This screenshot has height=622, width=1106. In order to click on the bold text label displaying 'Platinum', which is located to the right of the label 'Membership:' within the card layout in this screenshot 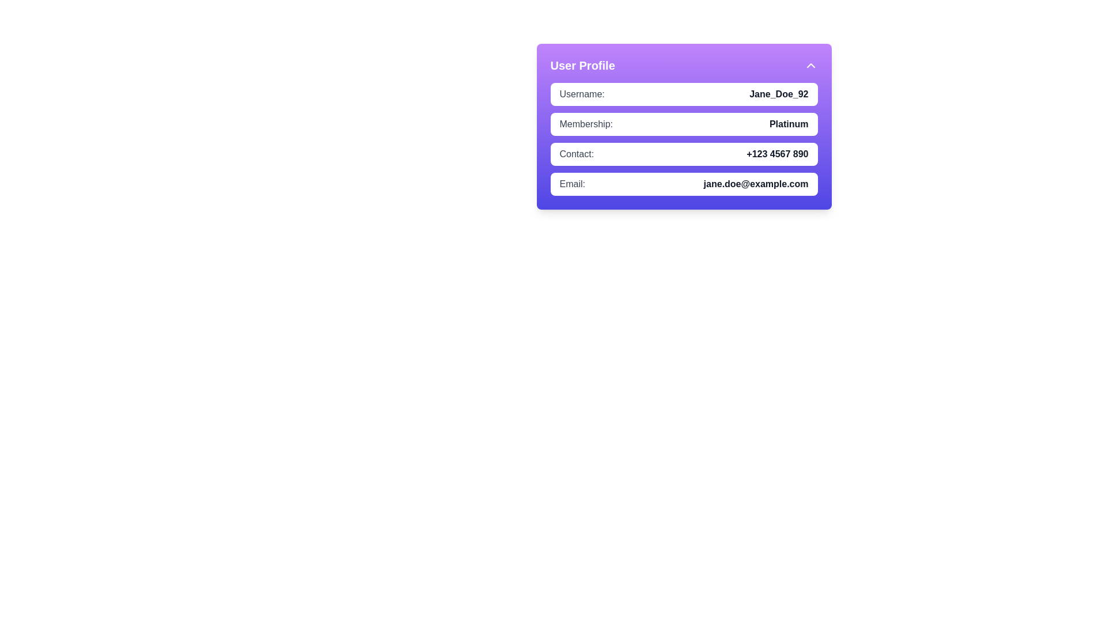, I will do `click(788, 124)`.